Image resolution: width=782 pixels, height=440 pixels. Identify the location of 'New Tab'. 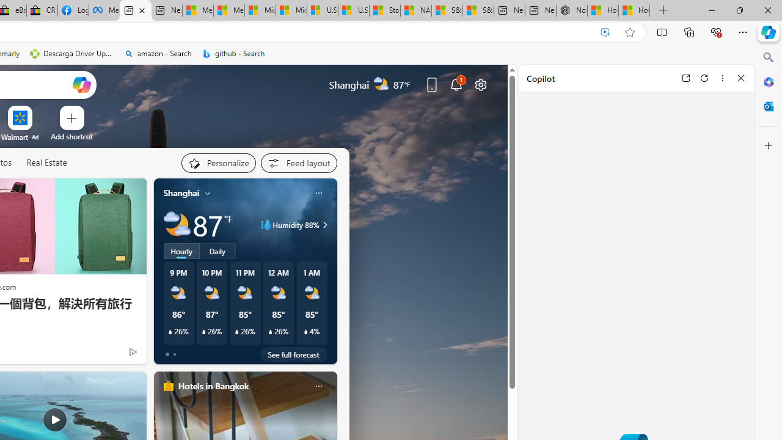
(663, 10).